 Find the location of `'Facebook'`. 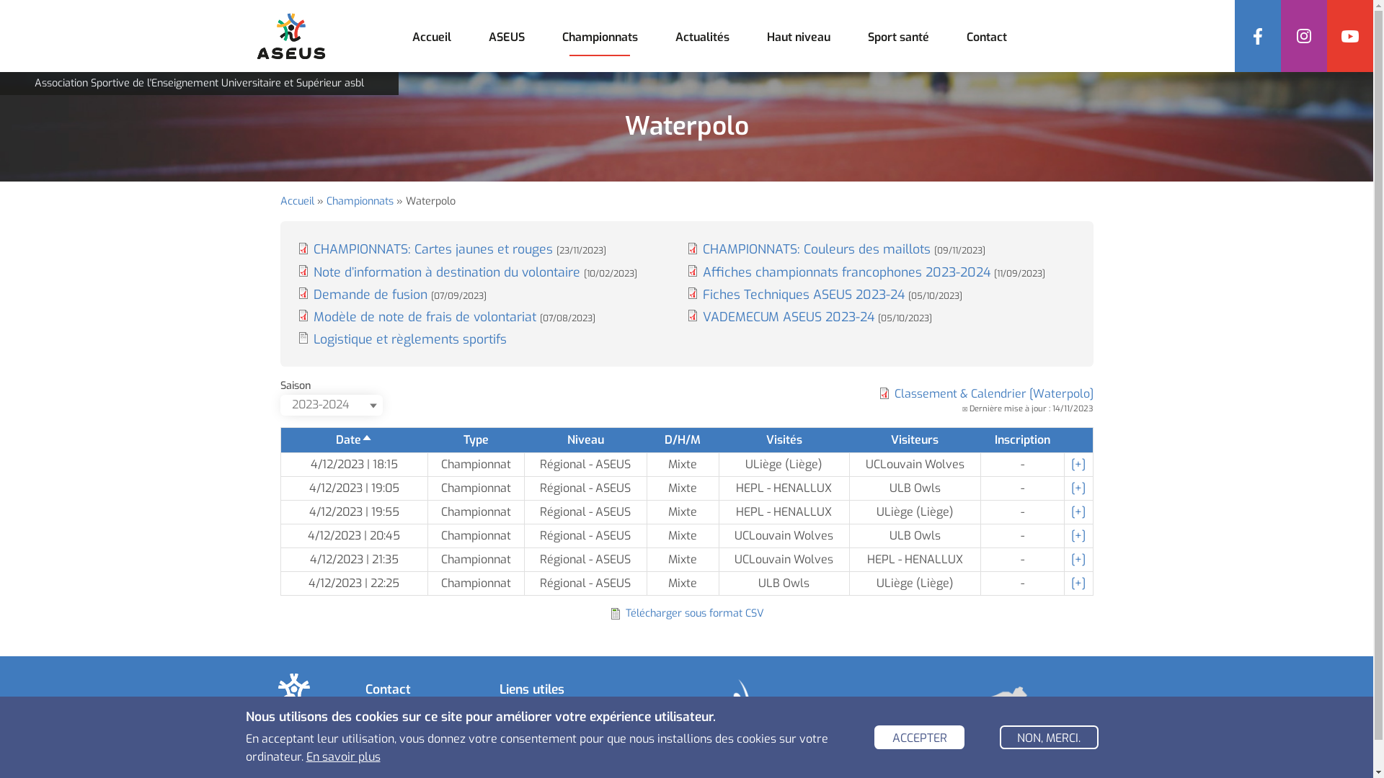

'Facebook' is located at coordinates (1257, 35).